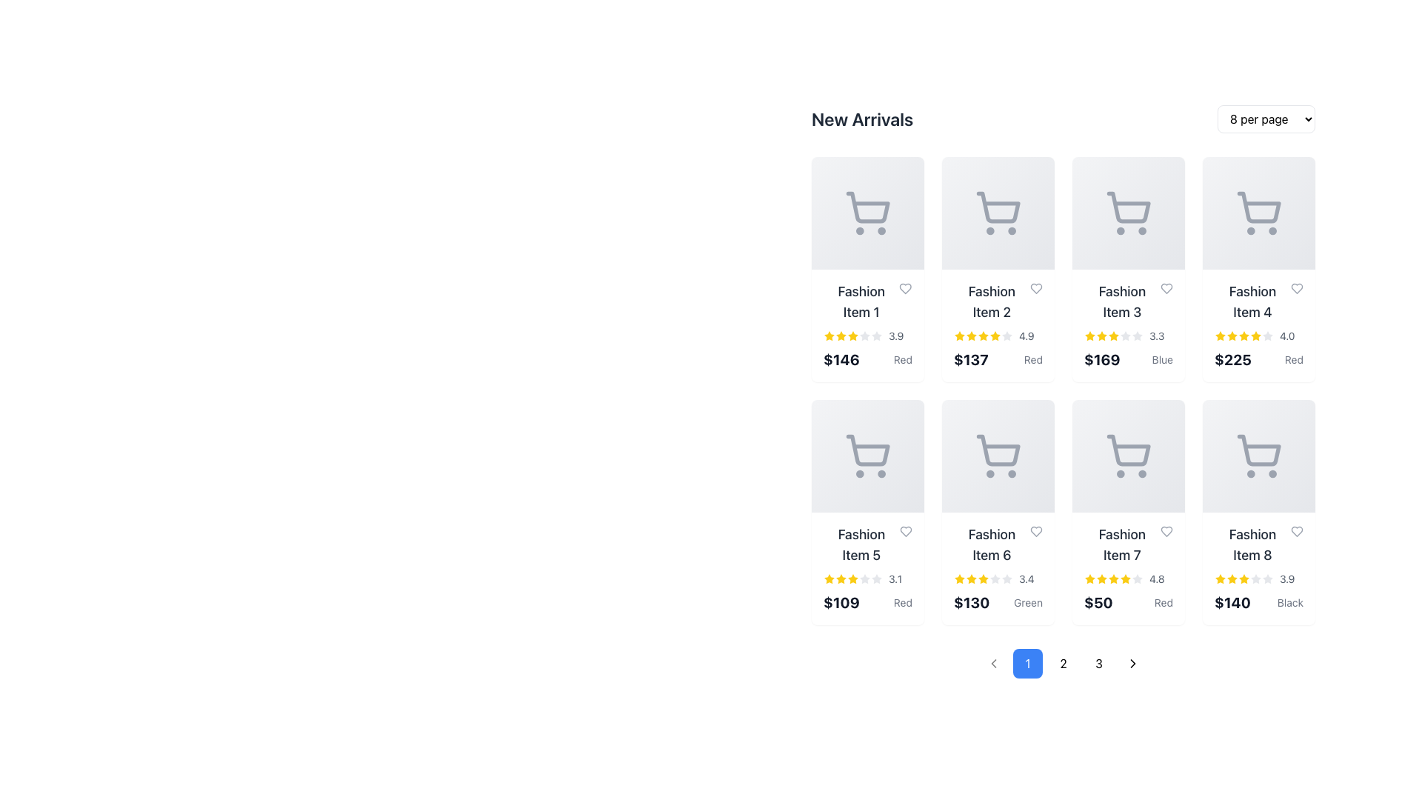 Image resolution: width=1422 pixels, height=800 pixels. Describe the element at coordinates (960, 579) in the screenshot. I see `visual rating associated with the first star in the rating component for 'Fashion Item 6' located in the second row, third column of the grid layout` at that location.